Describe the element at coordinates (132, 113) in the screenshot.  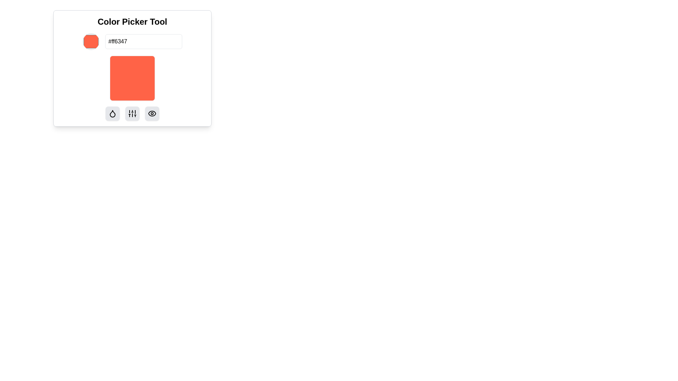
I see `the middle icon depicting three vertical sliders in the color picker tool interface` at that location.